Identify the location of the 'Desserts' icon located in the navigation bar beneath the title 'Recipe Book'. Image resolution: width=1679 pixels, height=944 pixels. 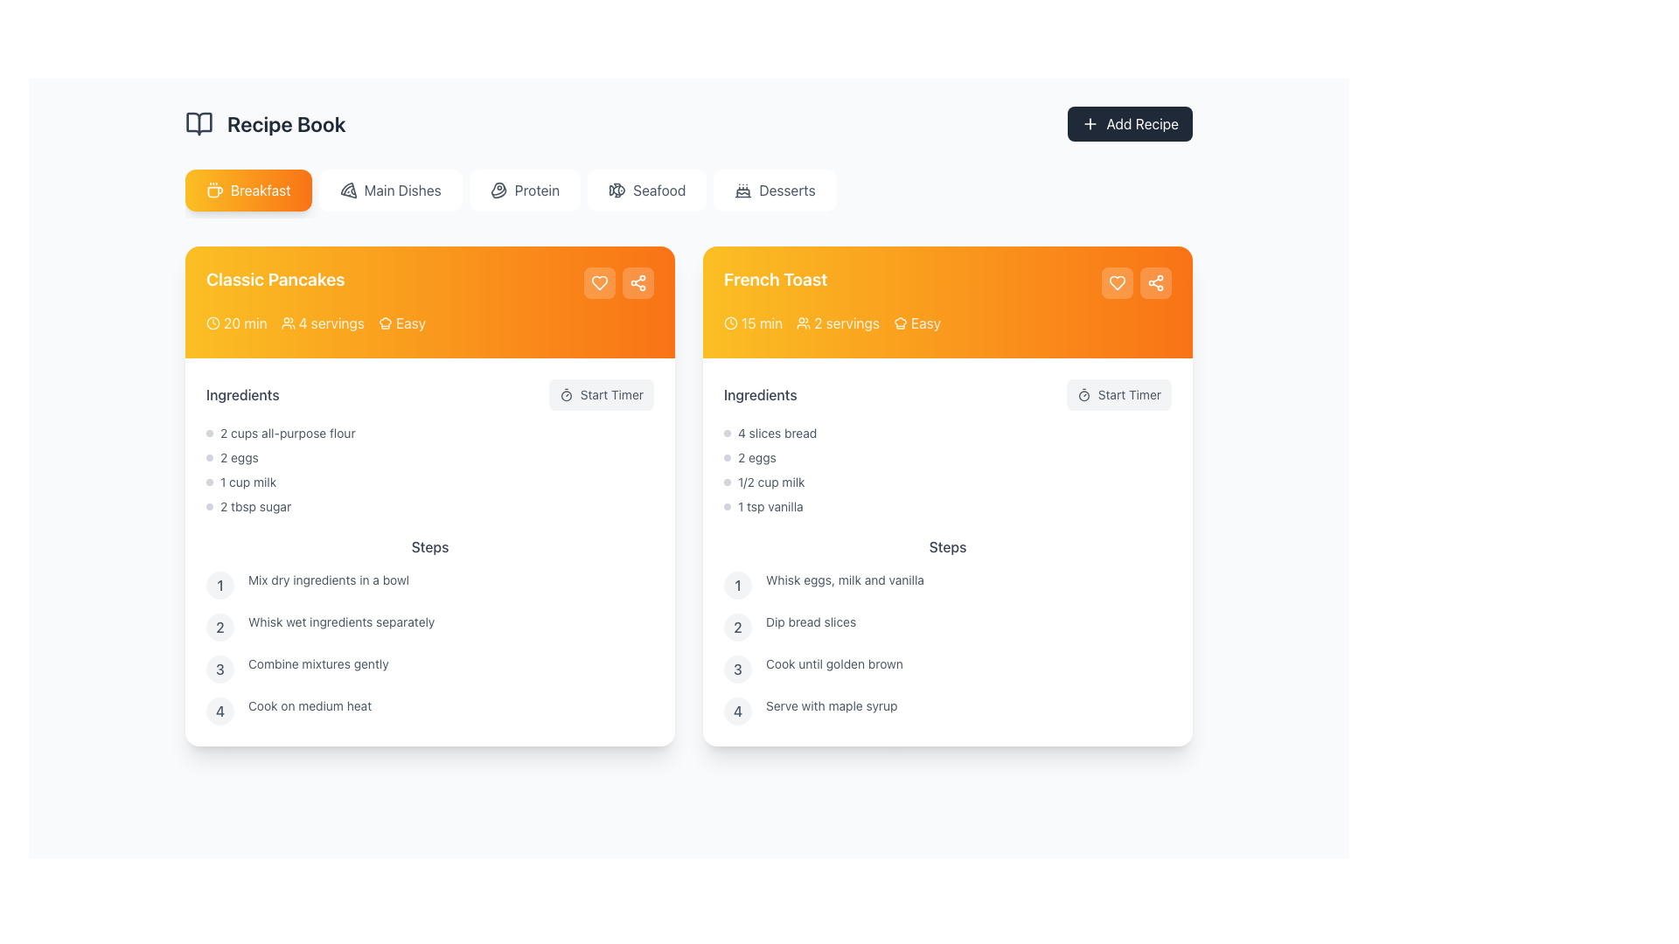
(743, 191).